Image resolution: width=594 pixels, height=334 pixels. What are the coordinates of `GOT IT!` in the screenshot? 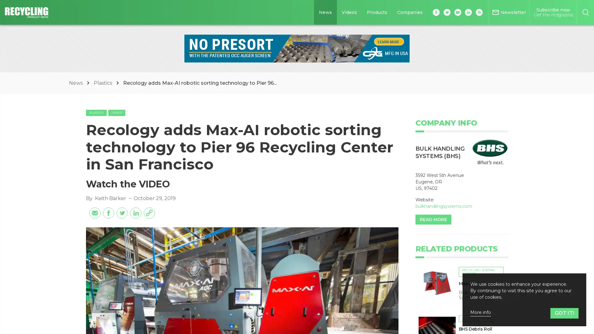 It's located at (564, 313).